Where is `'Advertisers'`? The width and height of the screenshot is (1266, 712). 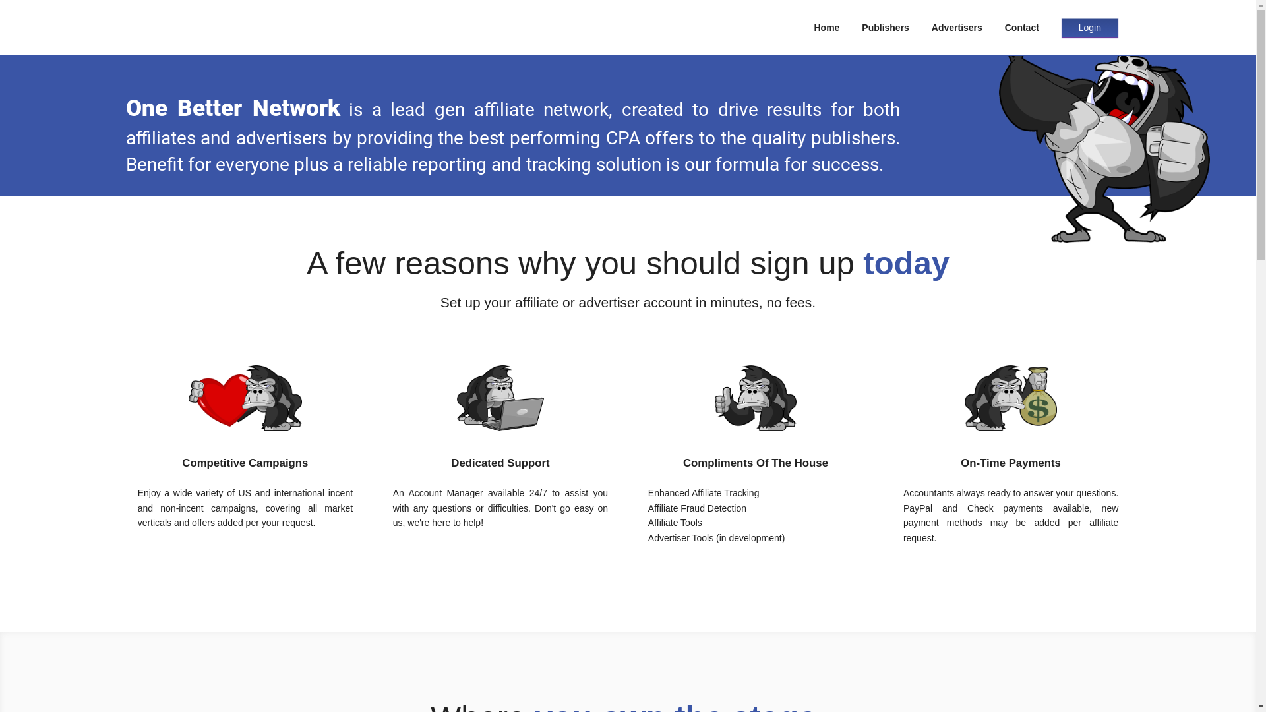 'Advertisers' is located at coordinates (957, 28).